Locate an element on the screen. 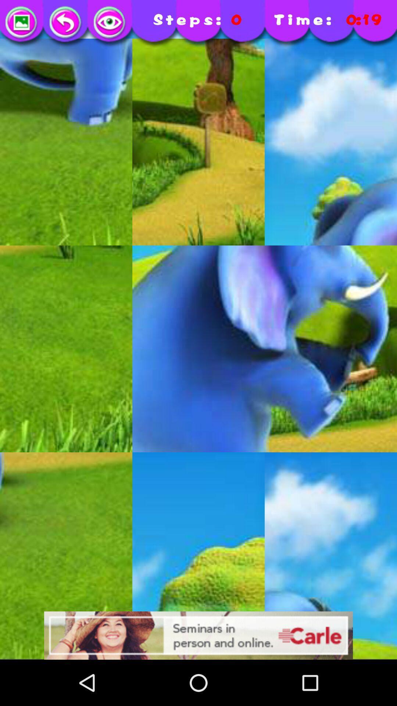 The height and width of the screenshot is (706, 397). the visibility icon is located at coordinates (110, 23).